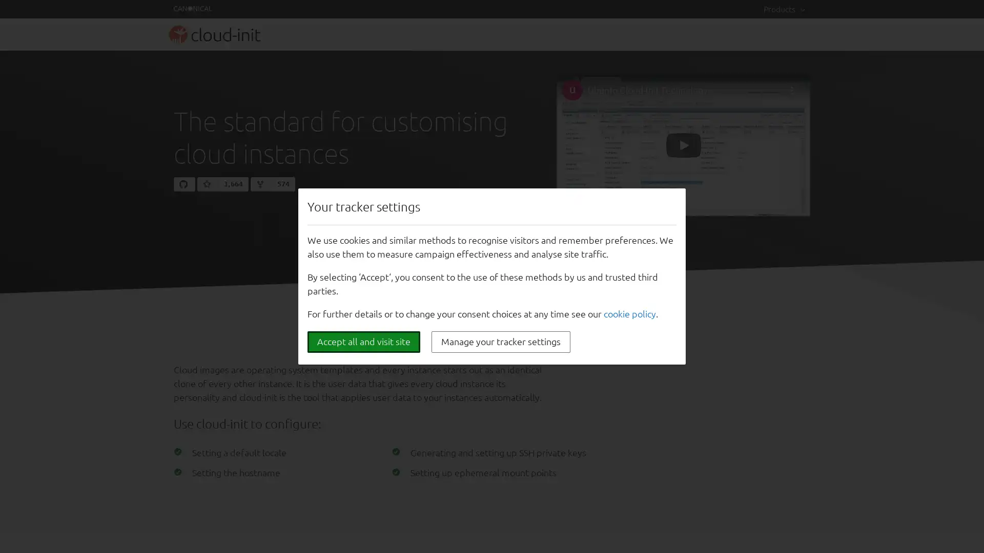 This screenshot has height=553, width=984. What do you see at coordinates (364, 342) in the screenshot?
I see `Accept all and visit site` at bounding box center [364, 342].